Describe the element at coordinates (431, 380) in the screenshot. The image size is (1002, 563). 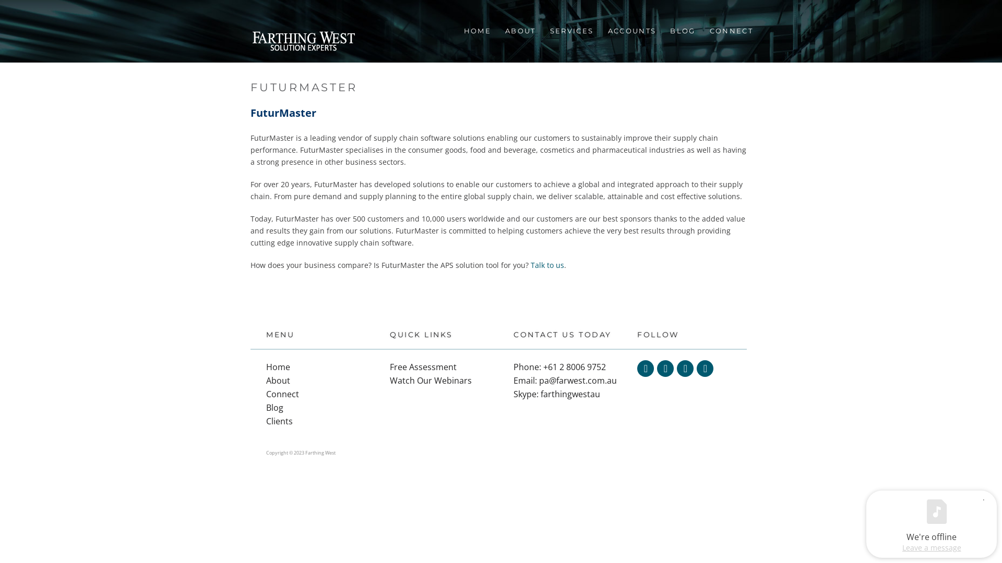
I see `'Watch Our Webinars'` at that location.